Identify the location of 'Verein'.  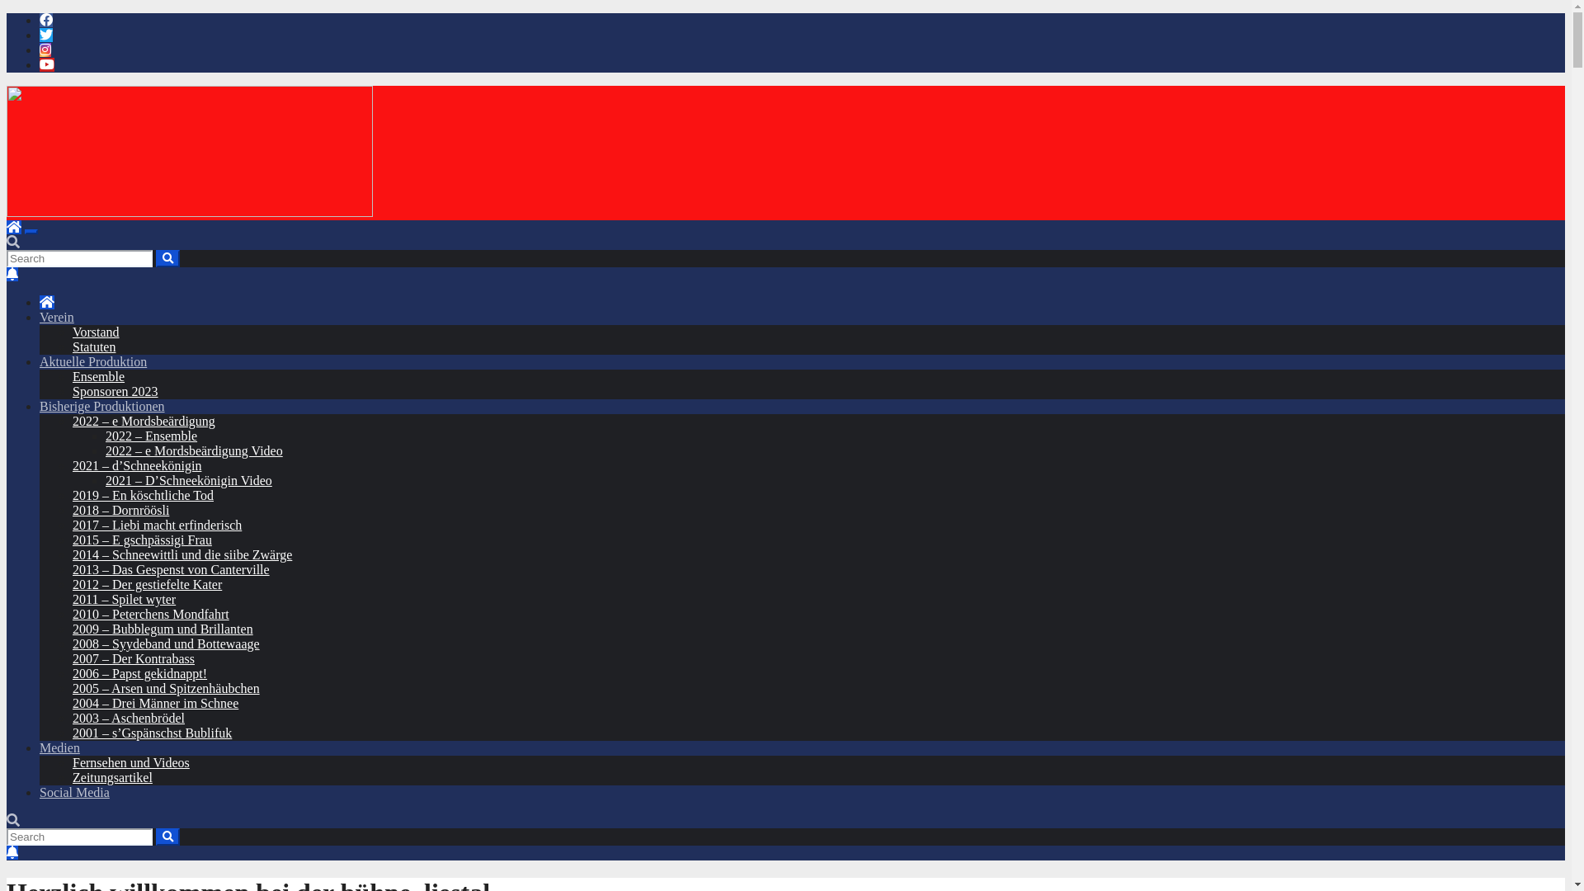
(56, 317).